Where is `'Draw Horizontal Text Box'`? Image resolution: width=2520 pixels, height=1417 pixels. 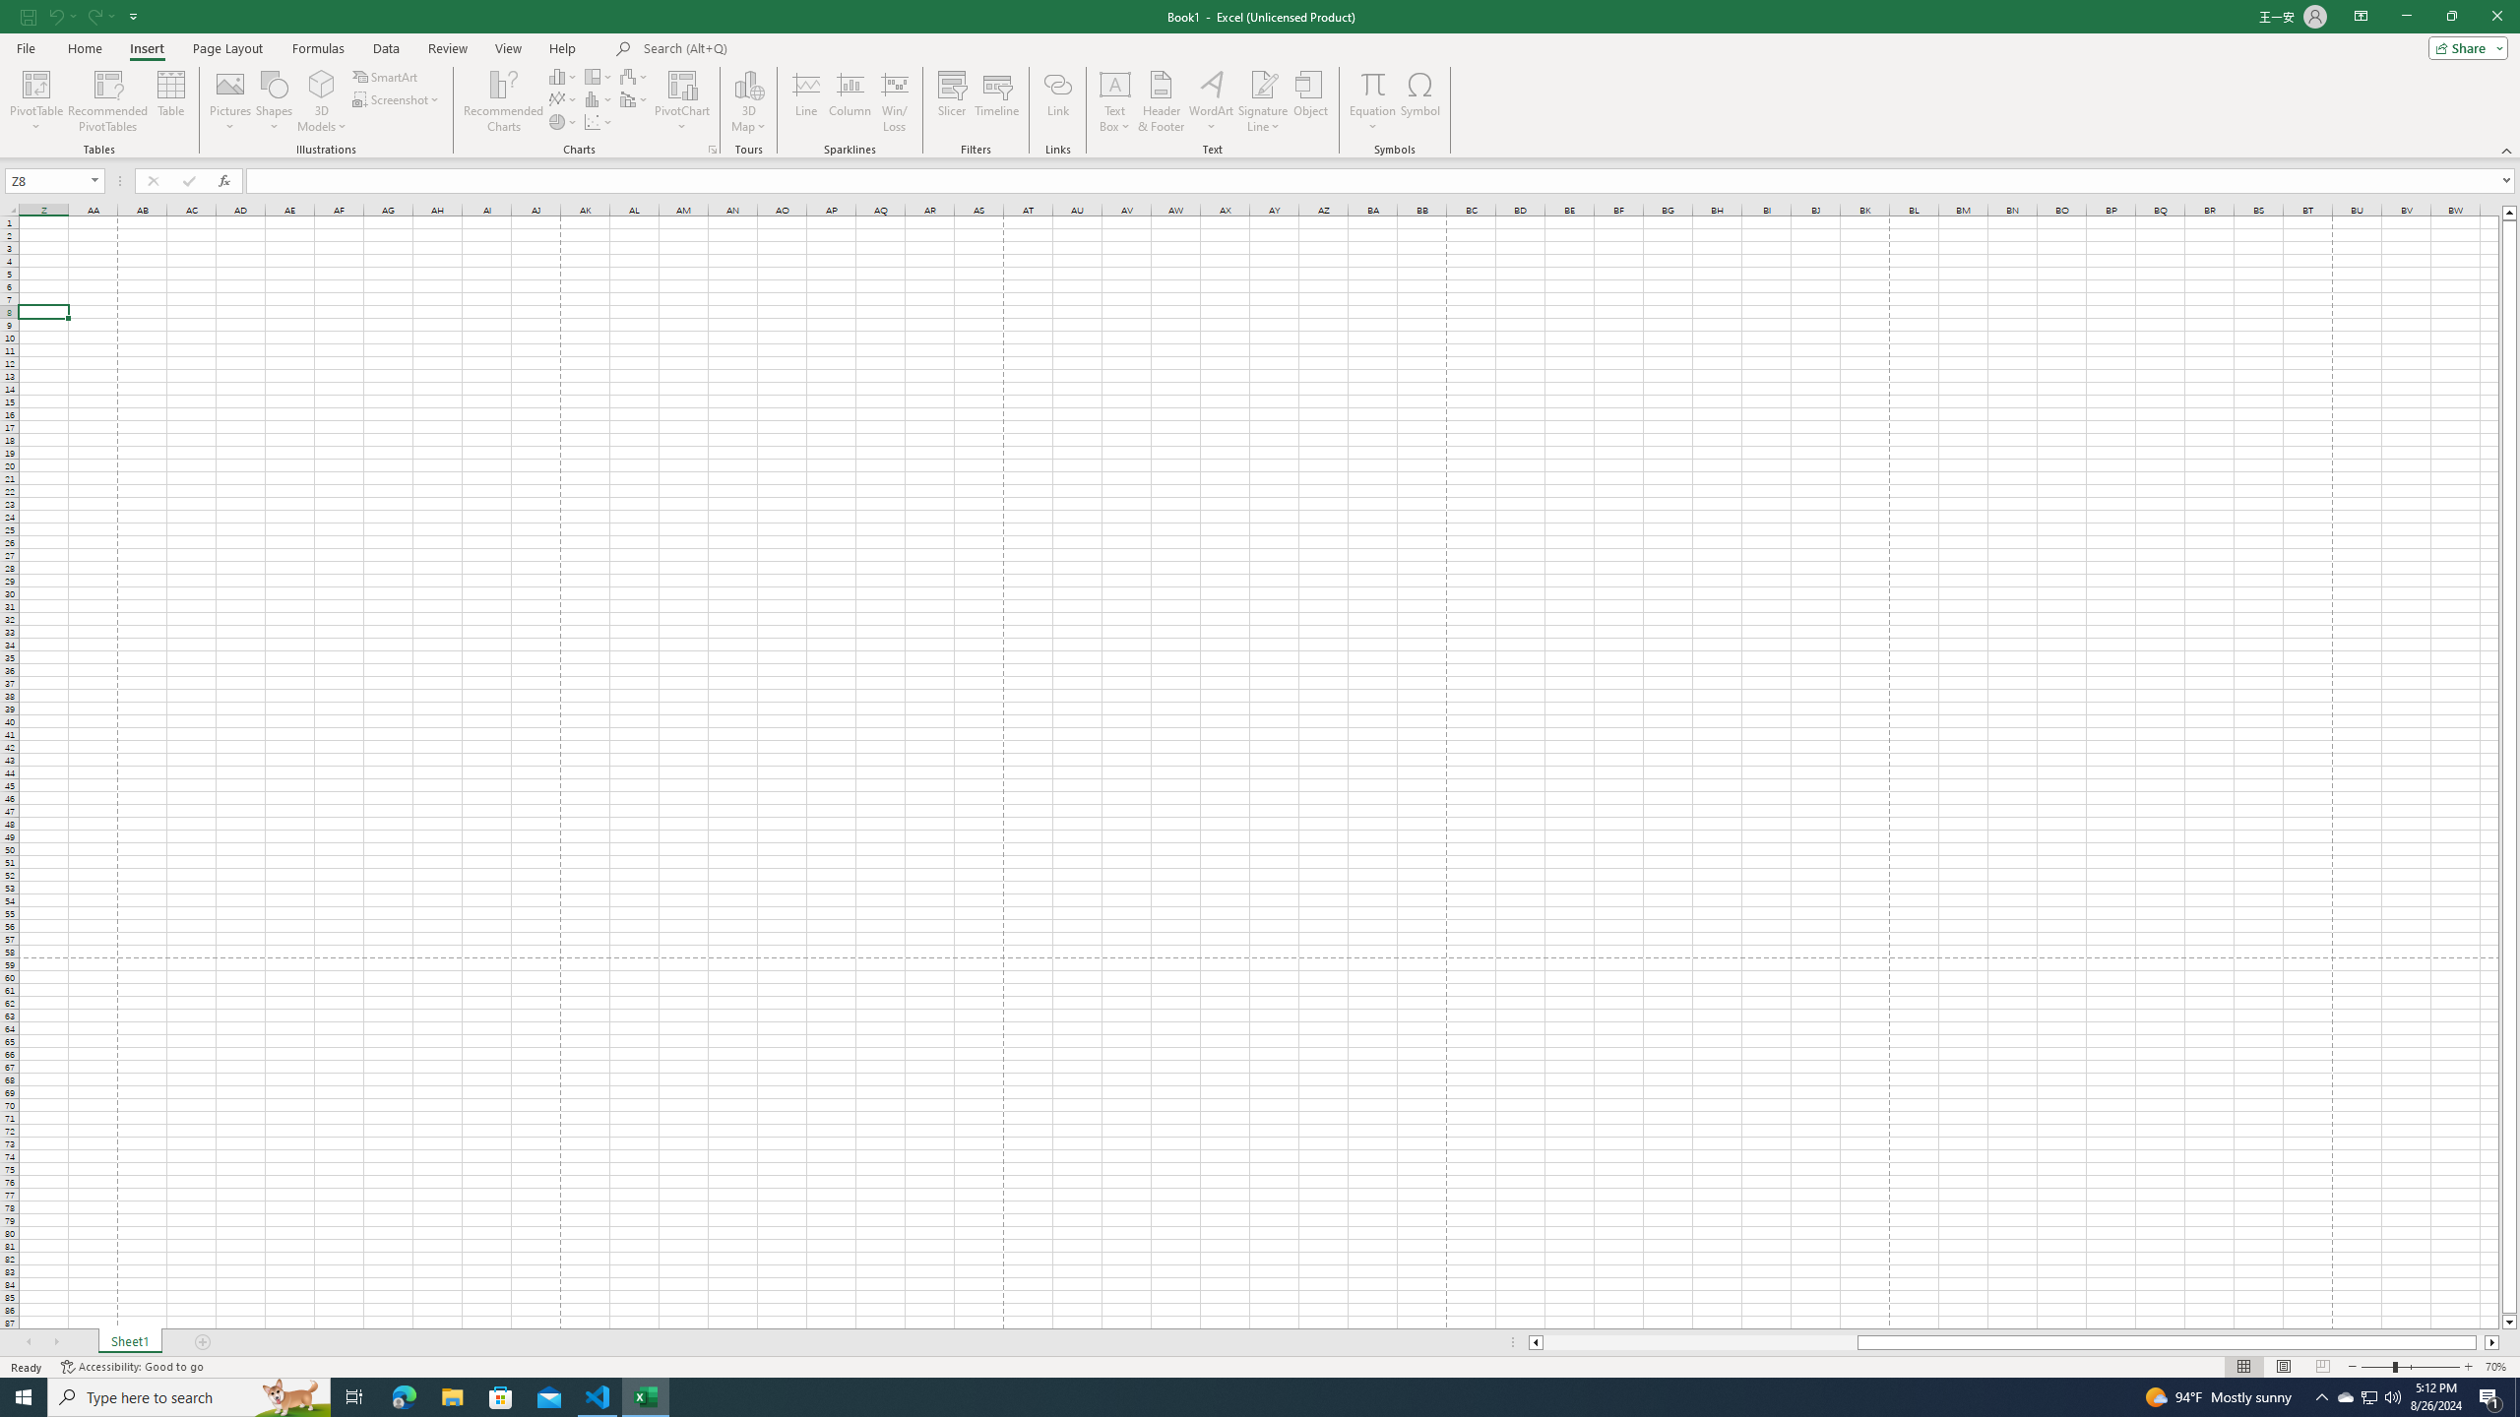 'Draw Horizontal Text Box' is located at coordinates (1114, 83).